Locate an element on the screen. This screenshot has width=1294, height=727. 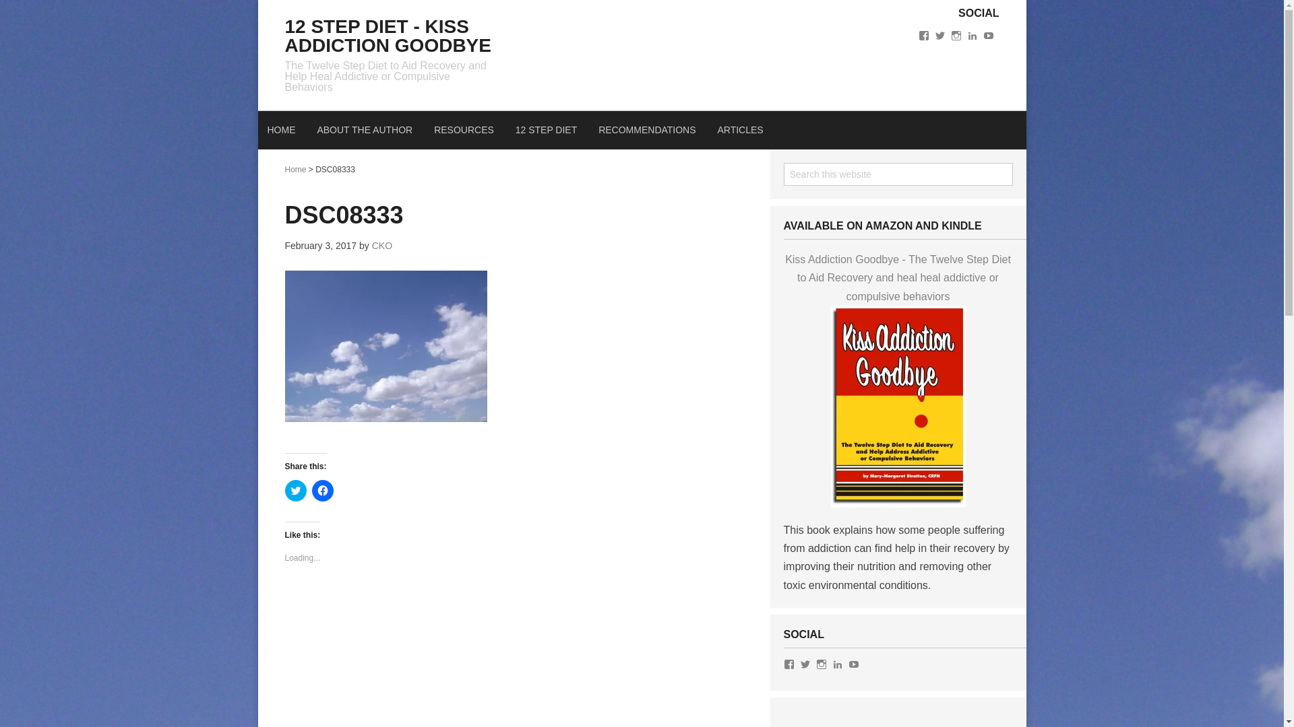
'ARTICLES' is located at coordinates (739, 130).